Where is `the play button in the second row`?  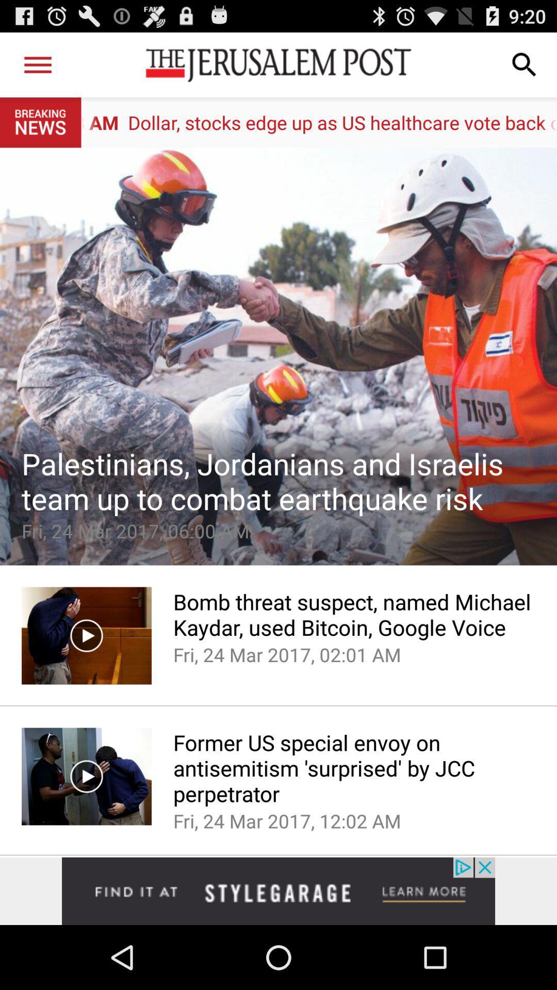 the play button in the second row is located at coordinates (86, 777).